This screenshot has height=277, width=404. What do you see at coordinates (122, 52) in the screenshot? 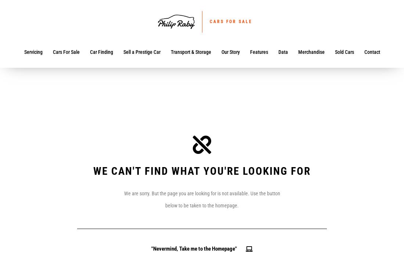
I see `'Sell a Prestige Car'` at bounding box center [122, 52].